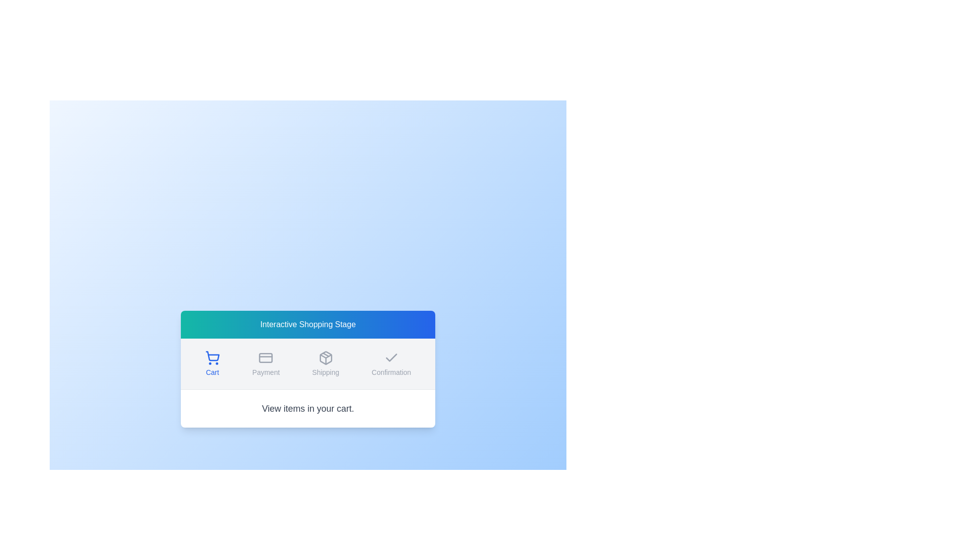 This screenshot has width=954, height=537. I want to click on the credit card icon, which is the second option in the row of Payment-related icons, visually designed with a thin outline and rounded corners, so click(266, 357).